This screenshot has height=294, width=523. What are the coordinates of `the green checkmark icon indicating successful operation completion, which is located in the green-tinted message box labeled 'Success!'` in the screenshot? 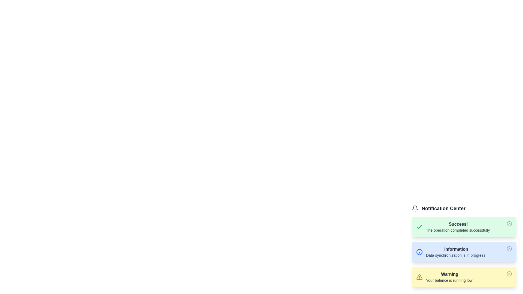 It's located at (419, 227).